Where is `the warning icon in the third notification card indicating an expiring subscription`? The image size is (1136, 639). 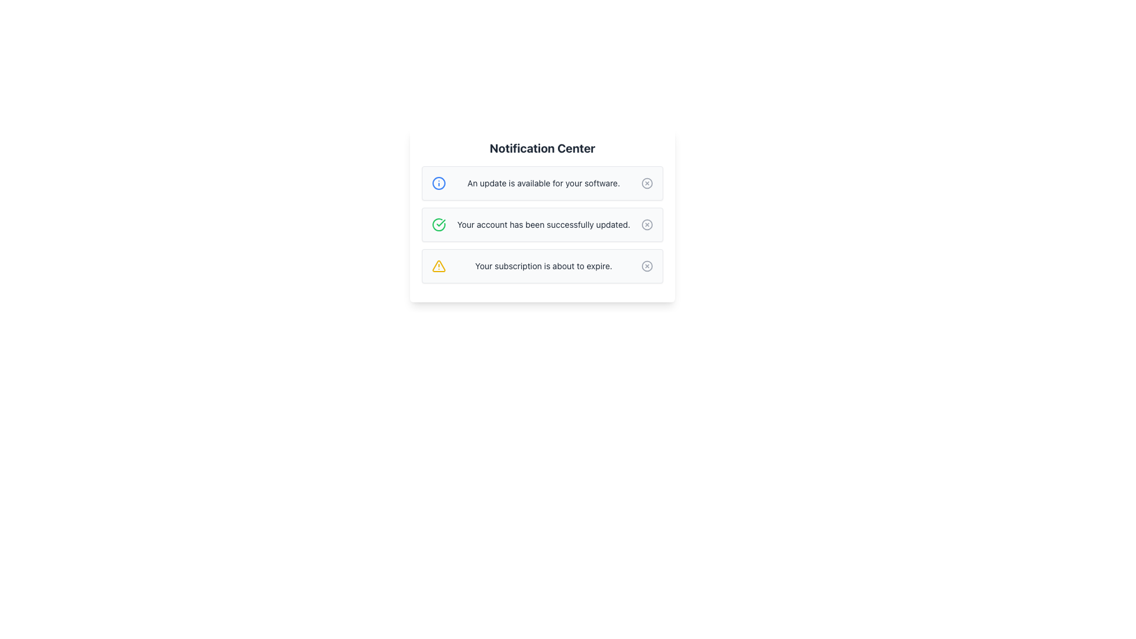
the warning icon in the third notification card indicating an expiring subscription is located at coordinates (438, 266).